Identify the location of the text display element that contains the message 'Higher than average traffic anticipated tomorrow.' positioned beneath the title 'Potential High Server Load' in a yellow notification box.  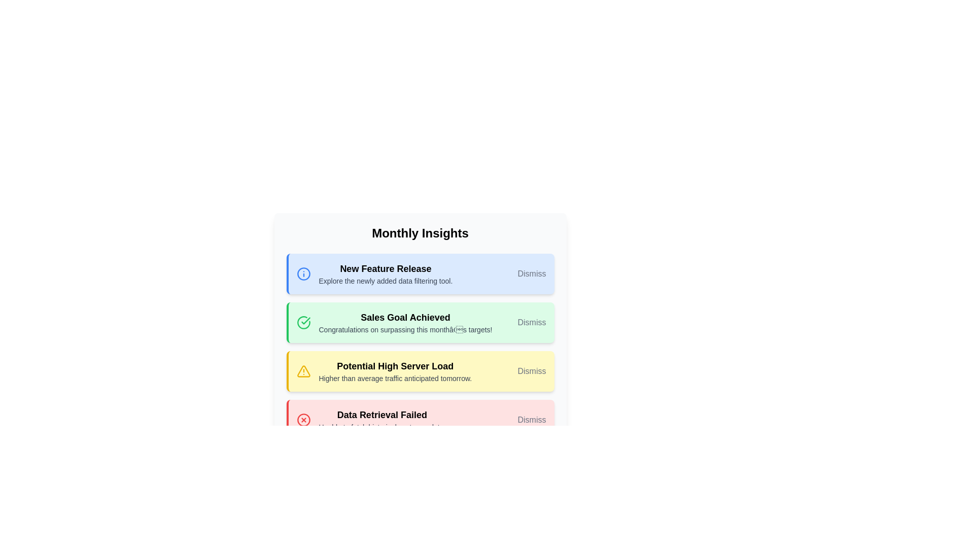
(395, 378).